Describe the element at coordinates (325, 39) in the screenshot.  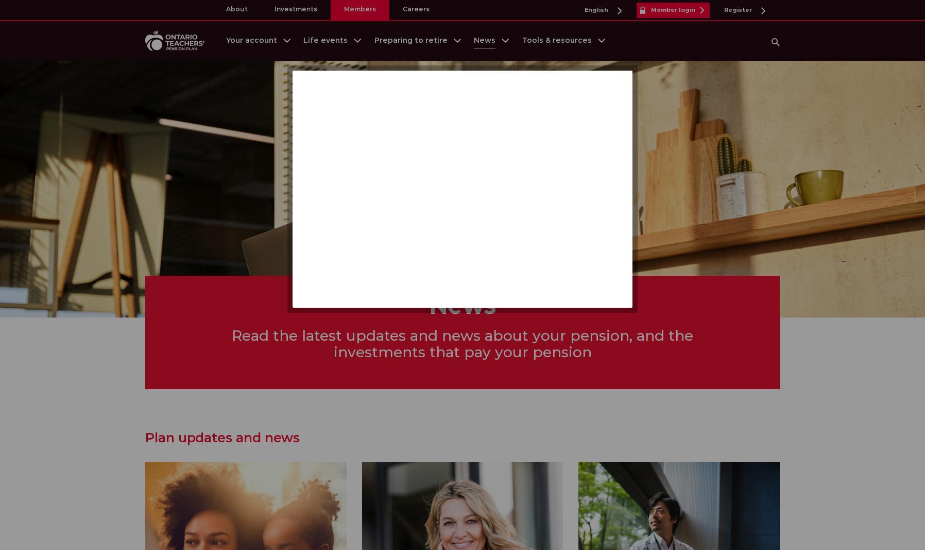
I see `'Life events'` at that location.